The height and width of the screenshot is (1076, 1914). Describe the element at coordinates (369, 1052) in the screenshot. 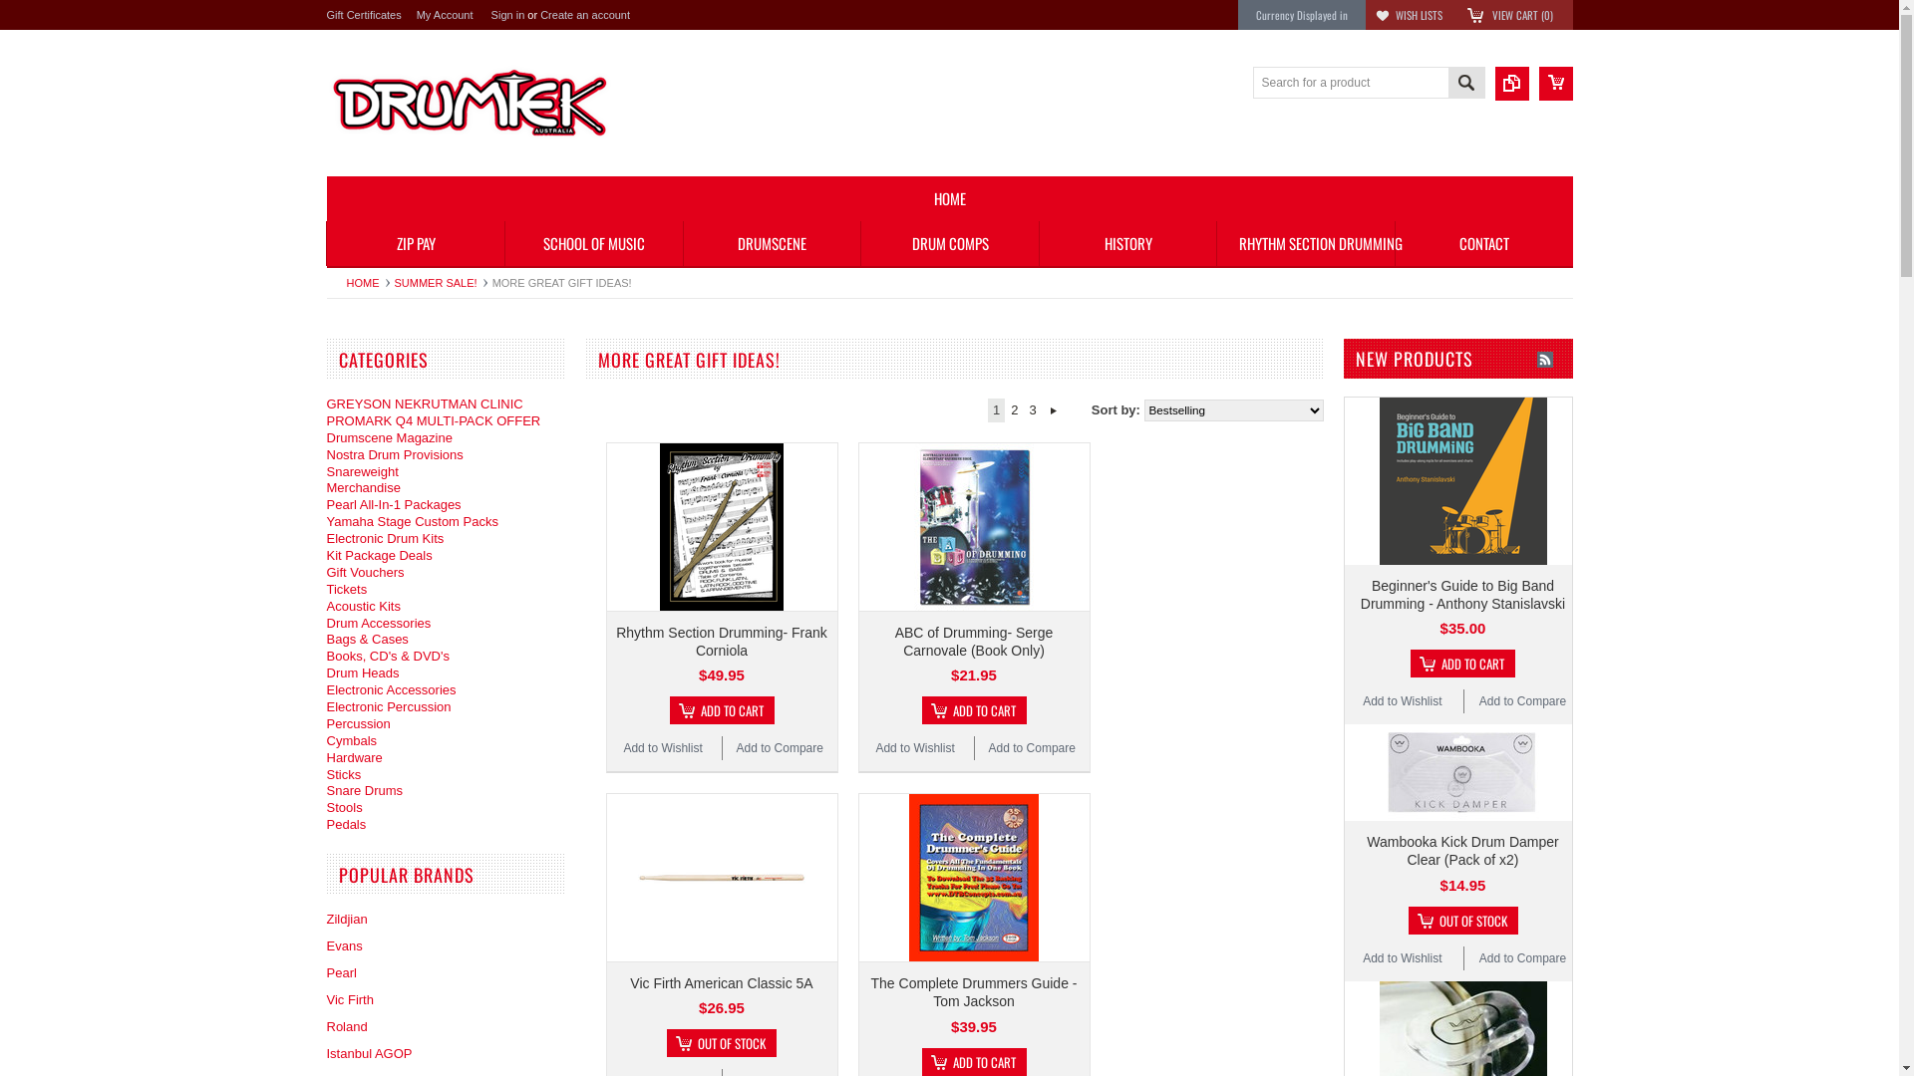

I see `'Istanbul AGOP'` at that location.